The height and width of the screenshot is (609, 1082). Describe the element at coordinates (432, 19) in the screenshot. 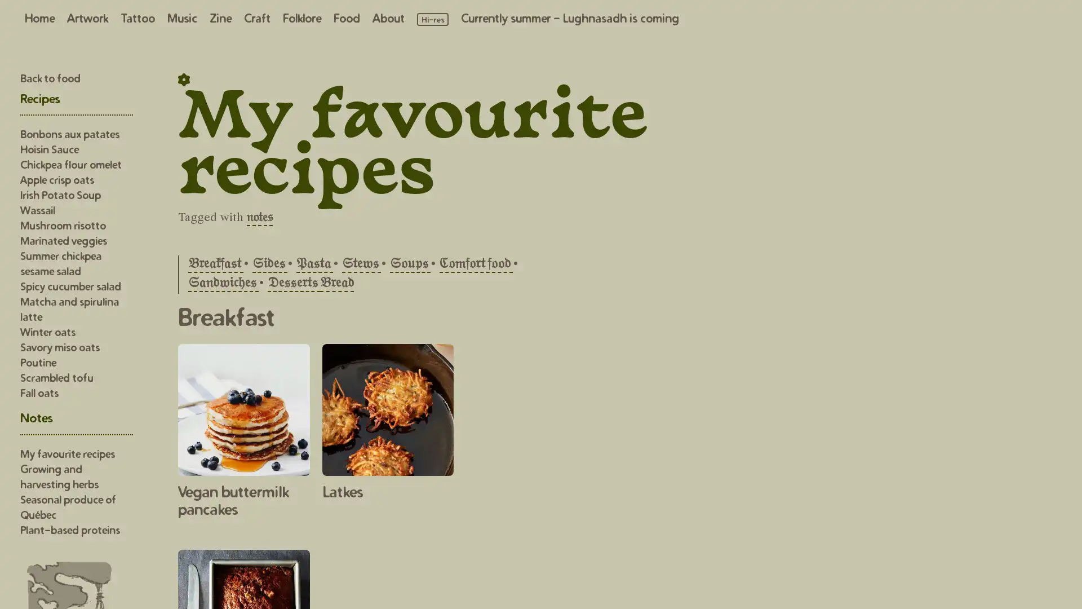

I see `Load high resolution images` at that location.